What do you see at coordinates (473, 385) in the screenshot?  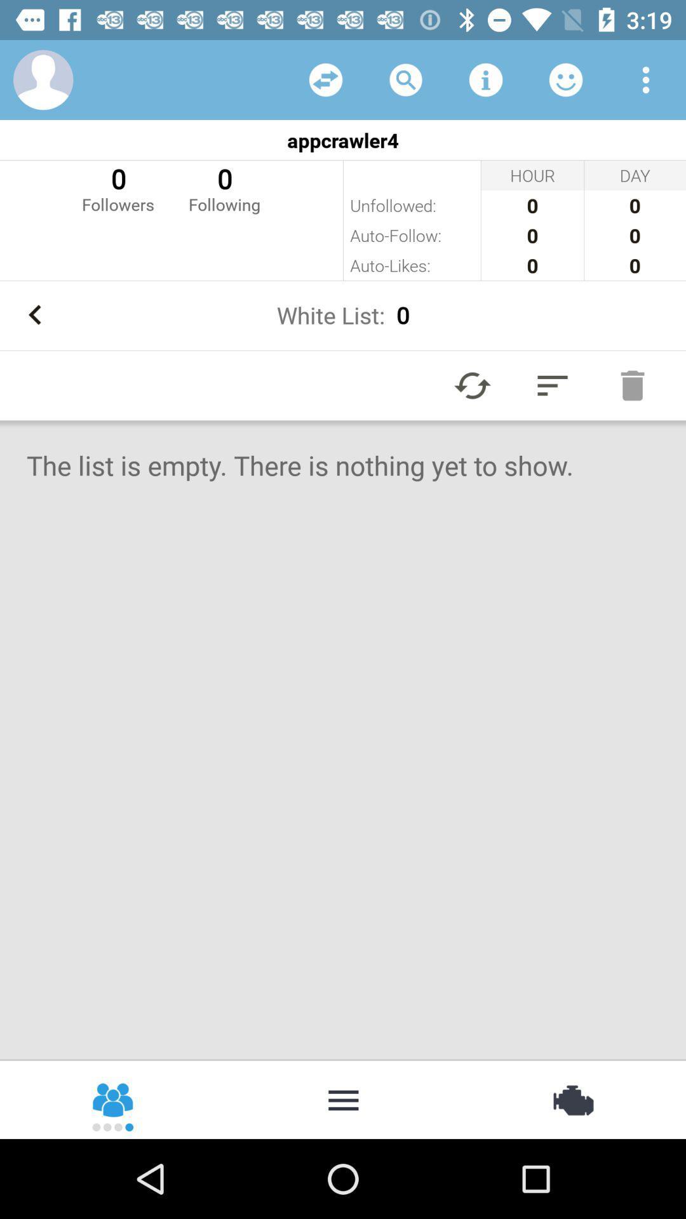 I see `the refresh icon` at bounding box center [473, 385].